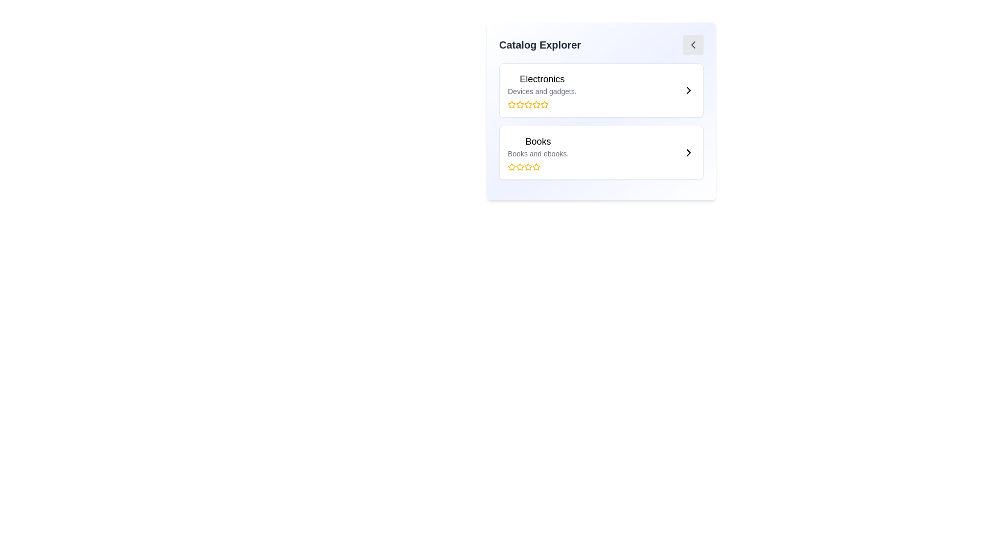 The width and height of the screenshot is (981, 552). Describe the element at coordinates (538, 167) in the screenshot. I see `the Rating selector (star-based) located in the 'Books' section, beneath the text 'Books and ebooks.'` at that location.